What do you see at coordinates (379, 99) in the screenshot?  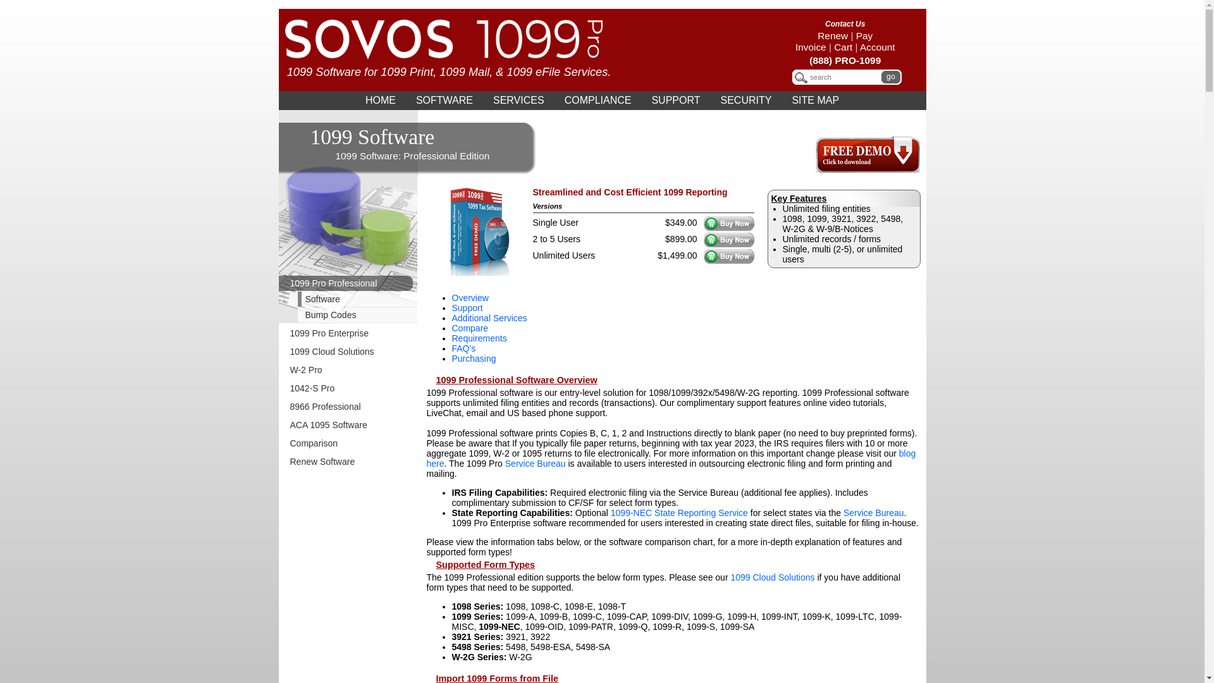 I see `'HOME'` at bounding box center [379, 99].